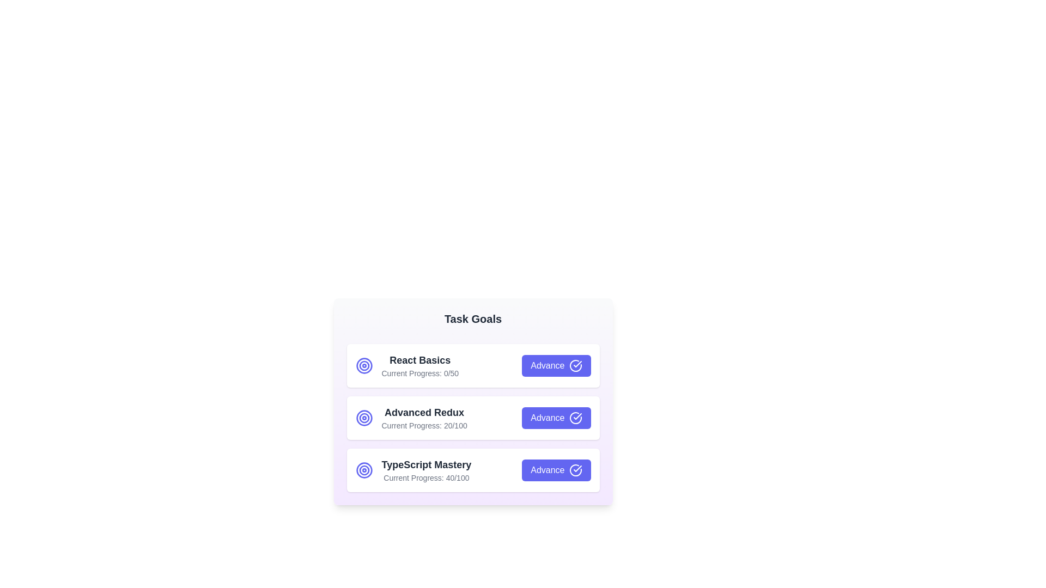  Describe the element at coordinates (575, 365) in the screenshot. I see `the circular SVG icon with a check mark located to the right of the 'Advance' button` at that location.